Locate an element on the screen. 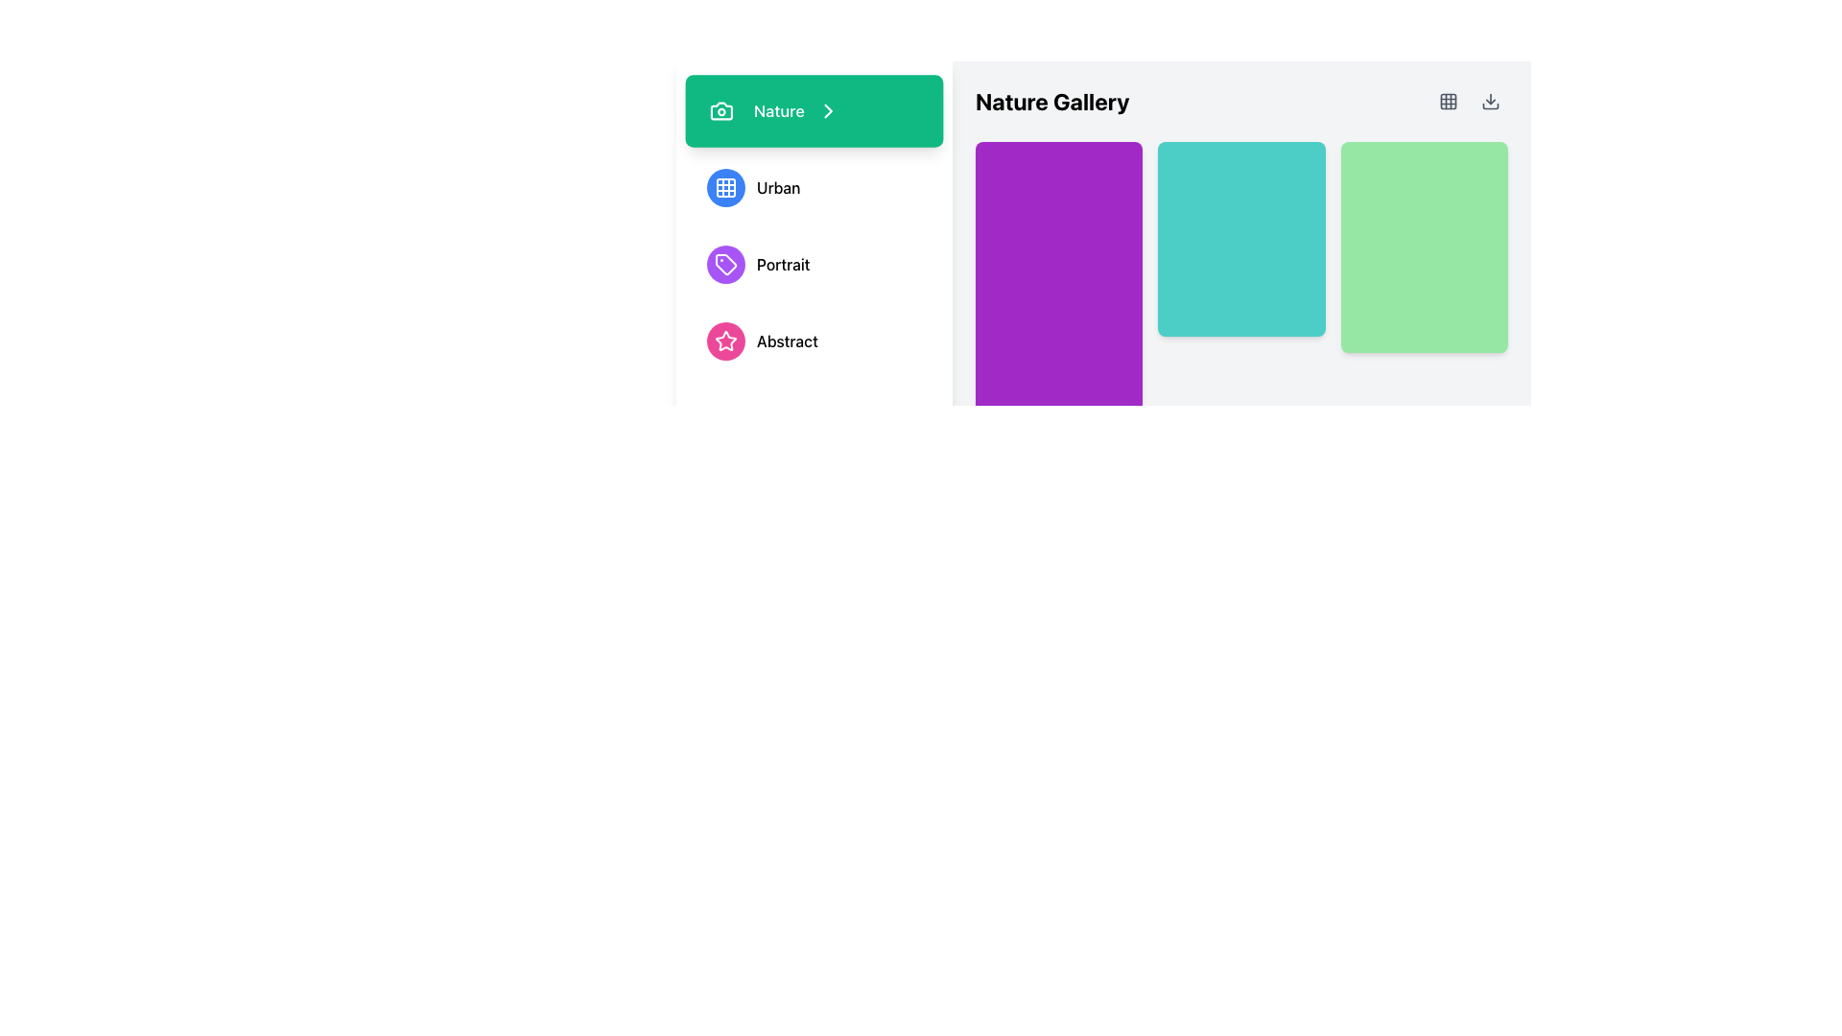 This screenshot has width=1842, height=1036. the SVG icon resembling a tag within the purple circular button associated with the 'Portrait' option in the vertical menu on the left side of the interface is located at coordinates (725, 265).